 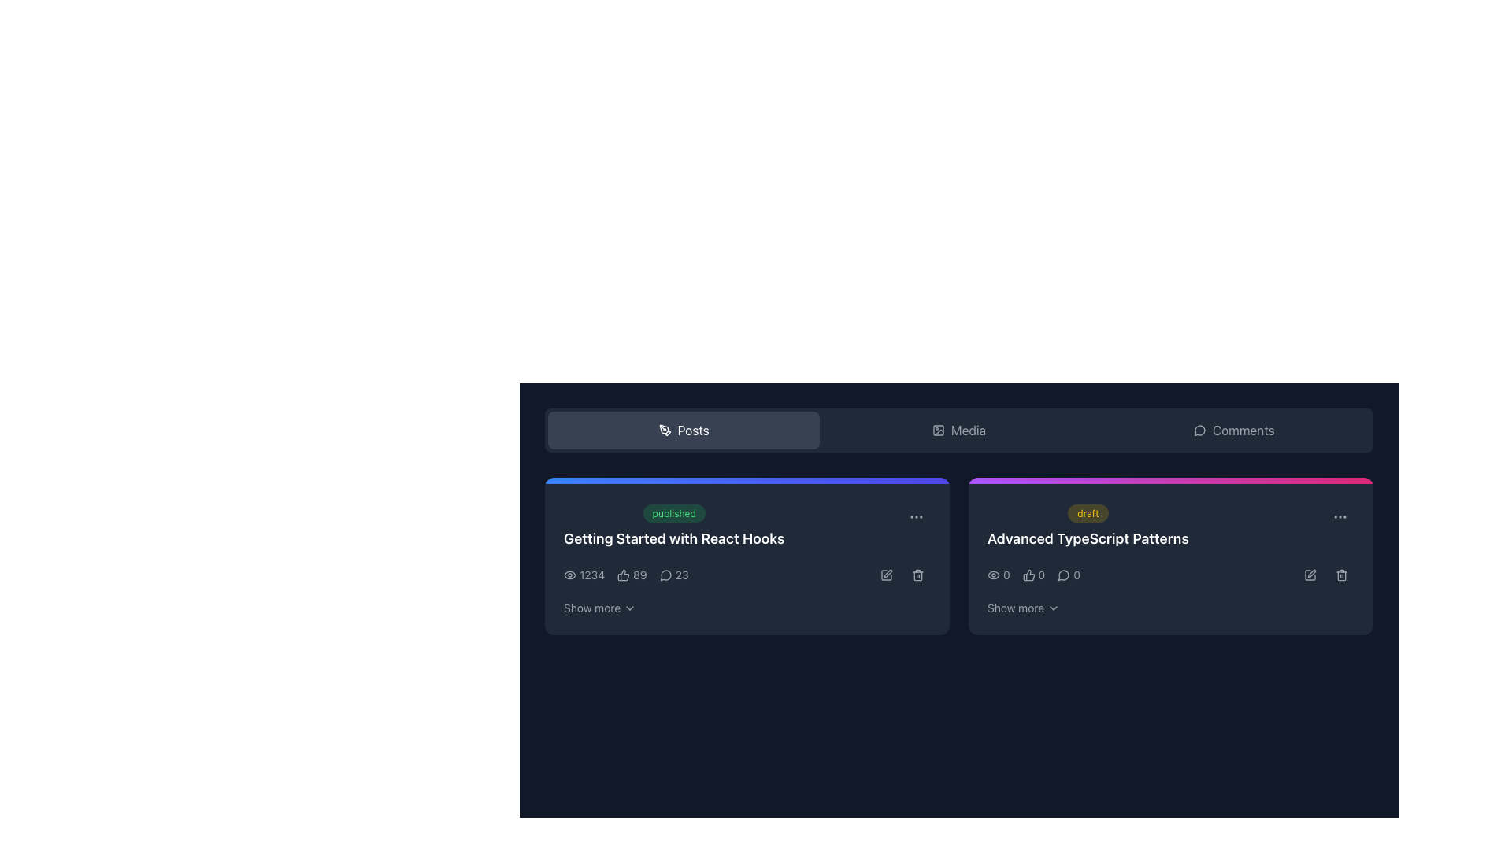 I want to click on the circular trash can button located in the upper-right corner of the 'Getting Started with React Hooks' post card, so click(x=918, y=575).